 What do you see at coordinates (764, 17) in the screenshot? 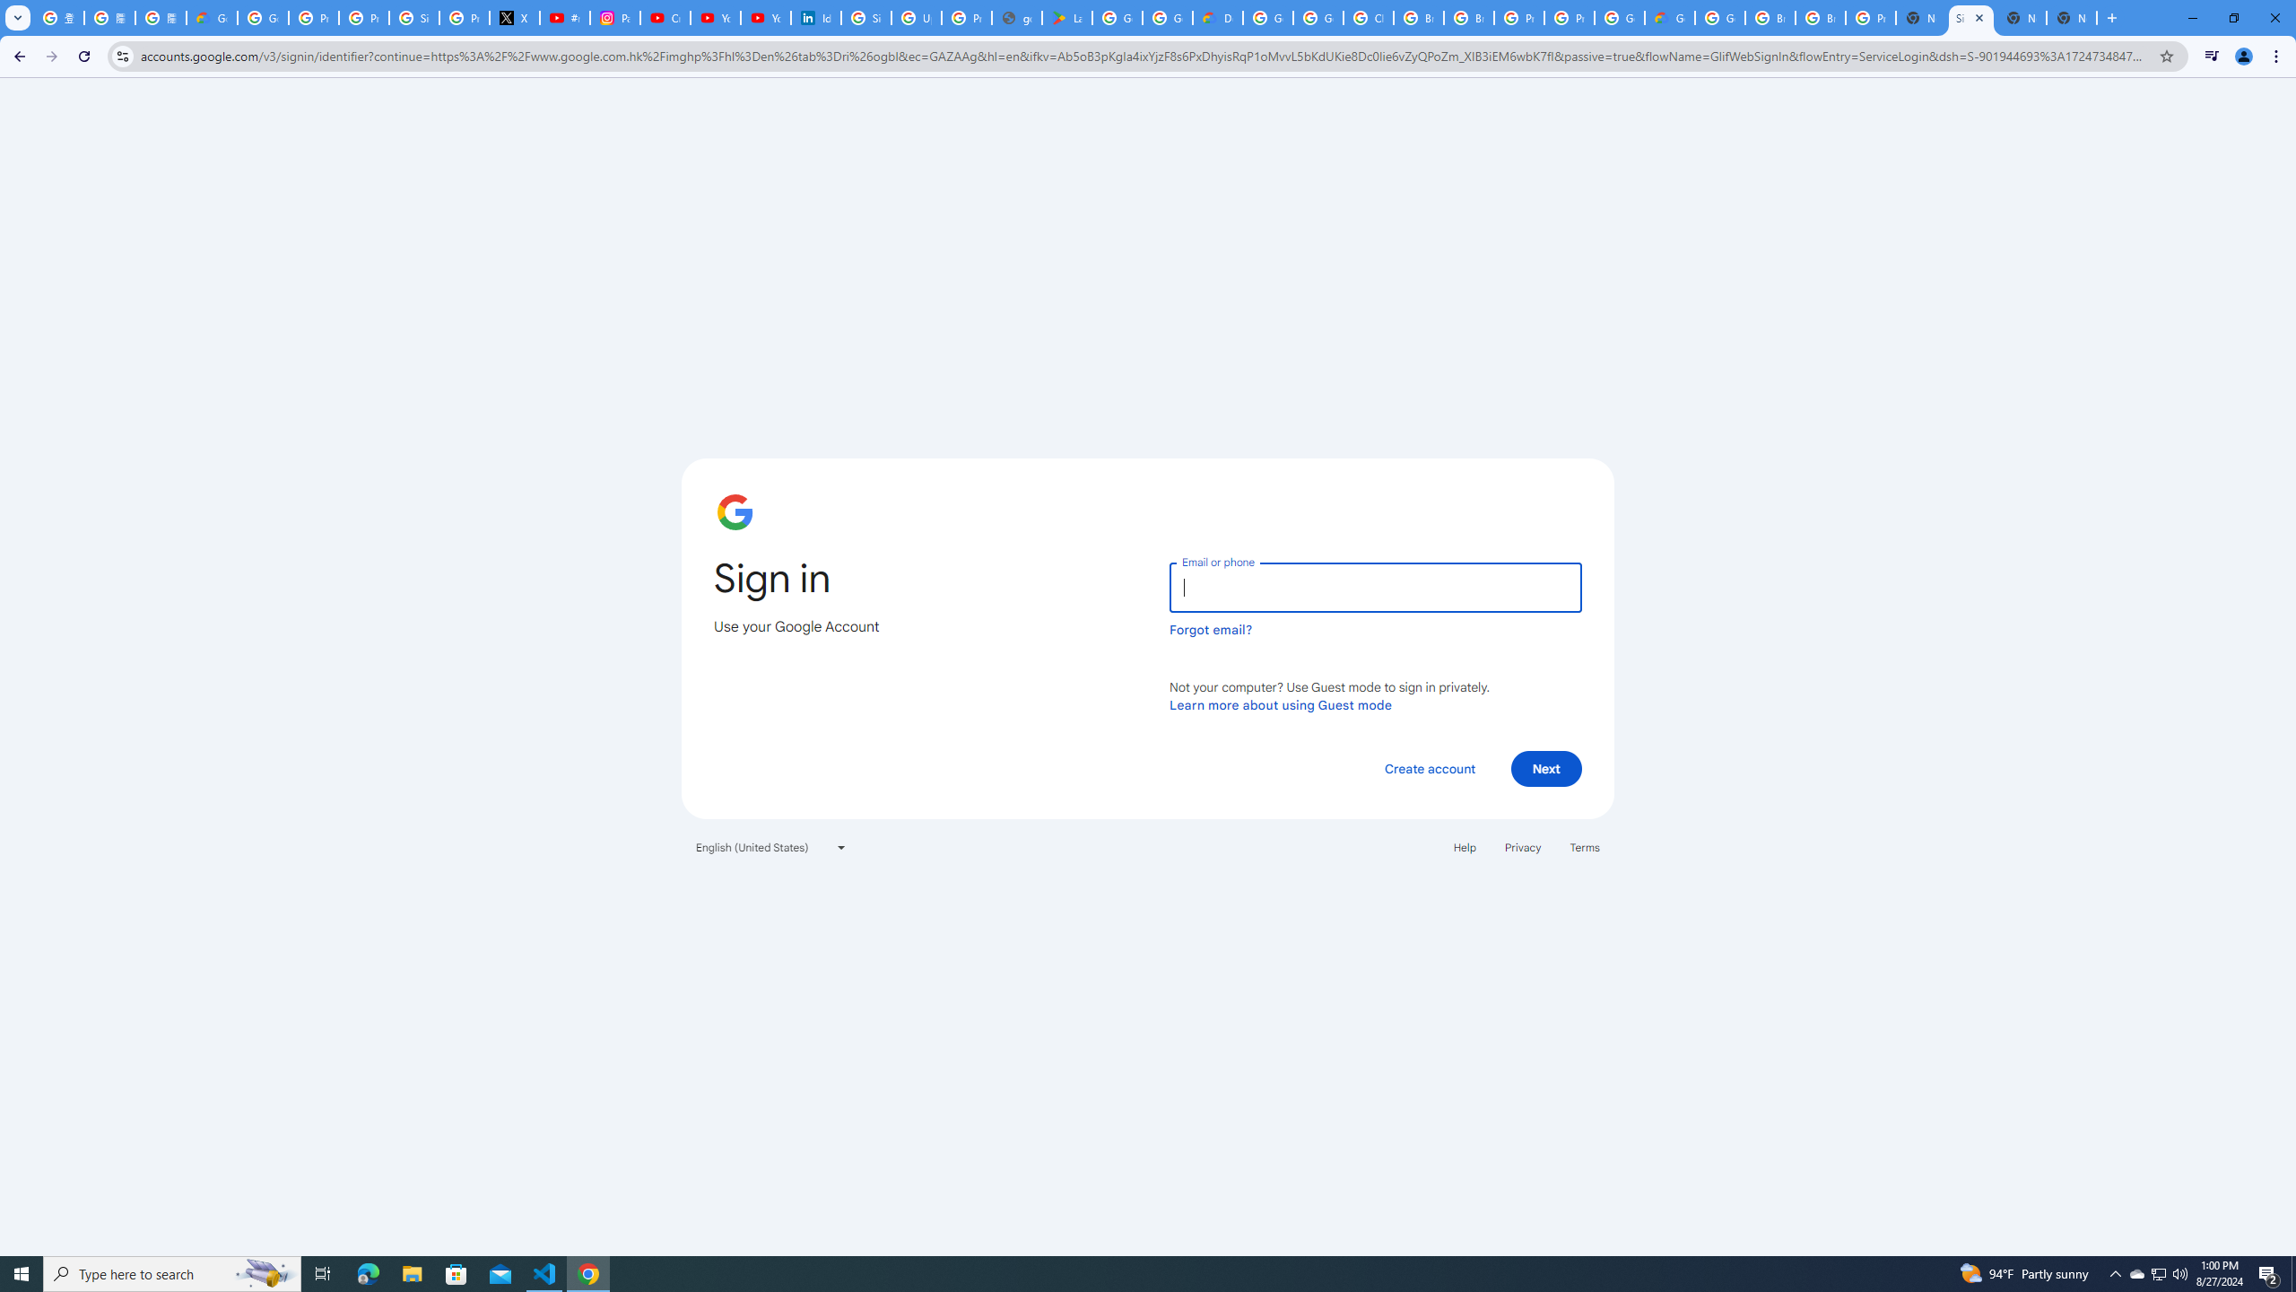
I see `'YouTube Culture & Trends - YouTube Top 10, 2021'` at bounding box center [764, 17].